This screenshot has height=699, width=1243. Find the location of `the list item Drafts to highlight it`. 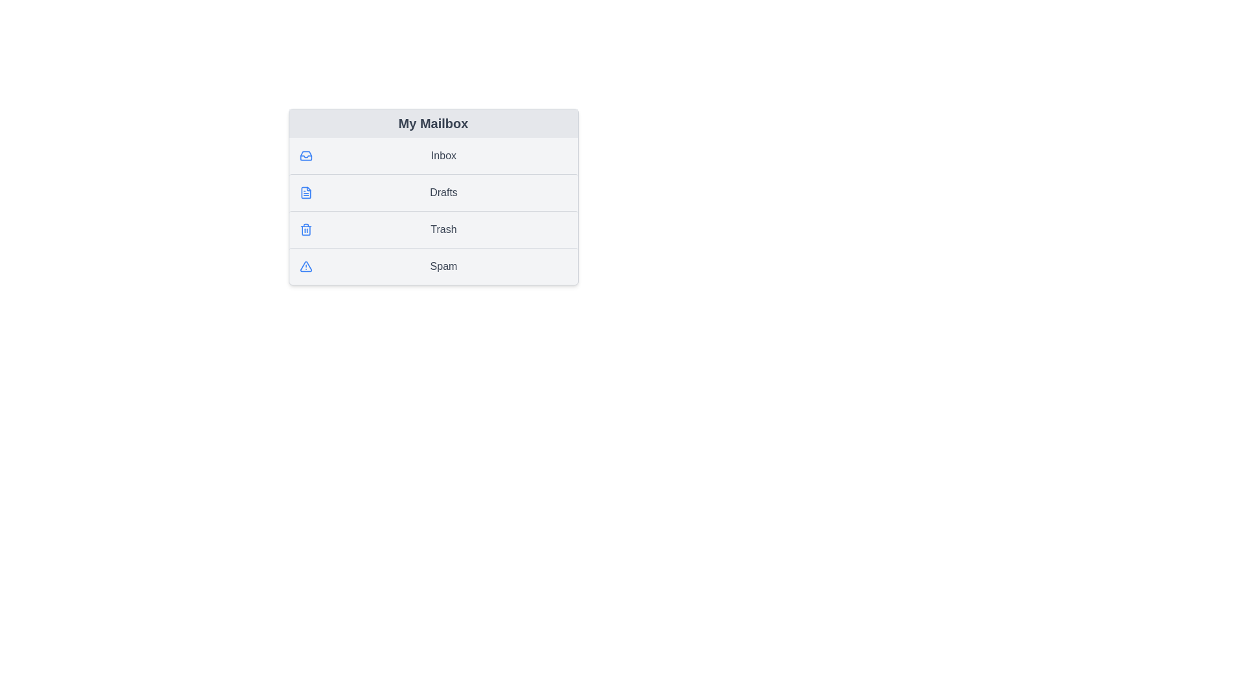

the list item Drafts to highlight it is located at coordinates (433, 192).